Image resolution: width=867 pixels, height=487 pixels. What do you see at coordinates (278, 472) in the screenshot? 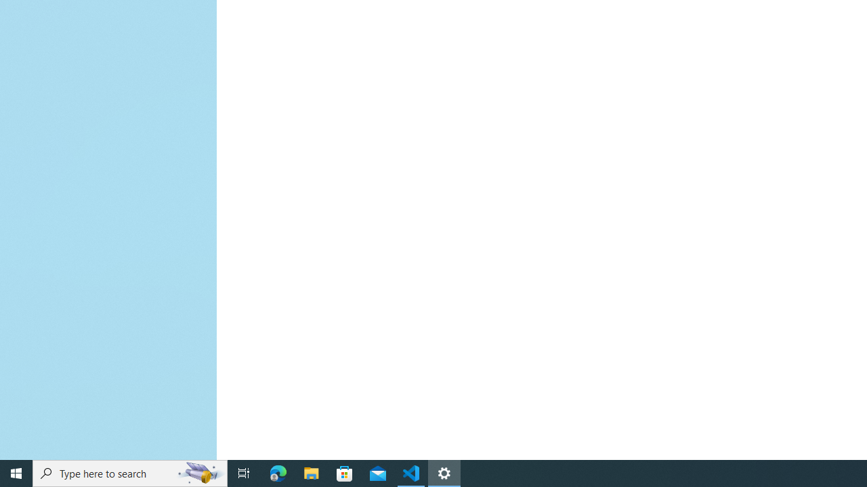
I see `'Microsoft Edge'` at bounding box center [278, 472].